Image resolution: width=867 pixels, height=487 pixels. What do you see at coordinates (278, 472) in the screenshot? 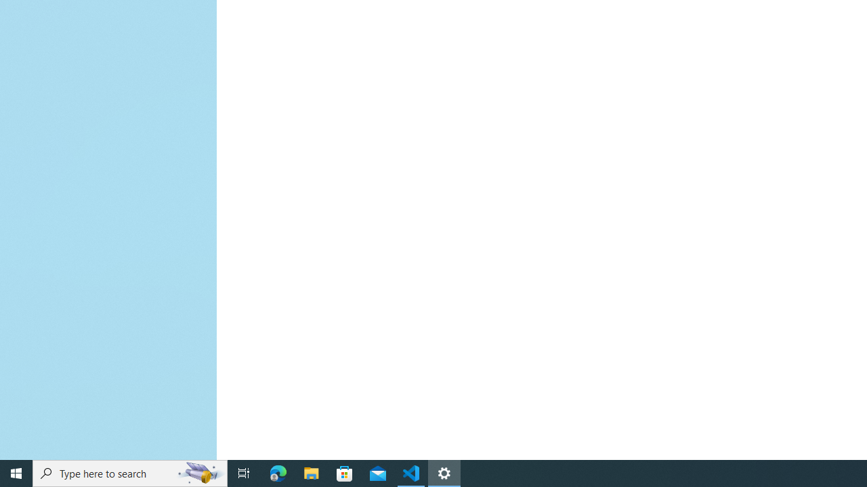
I see `'Microsoft Edge'` at bounding box center [278, 472].